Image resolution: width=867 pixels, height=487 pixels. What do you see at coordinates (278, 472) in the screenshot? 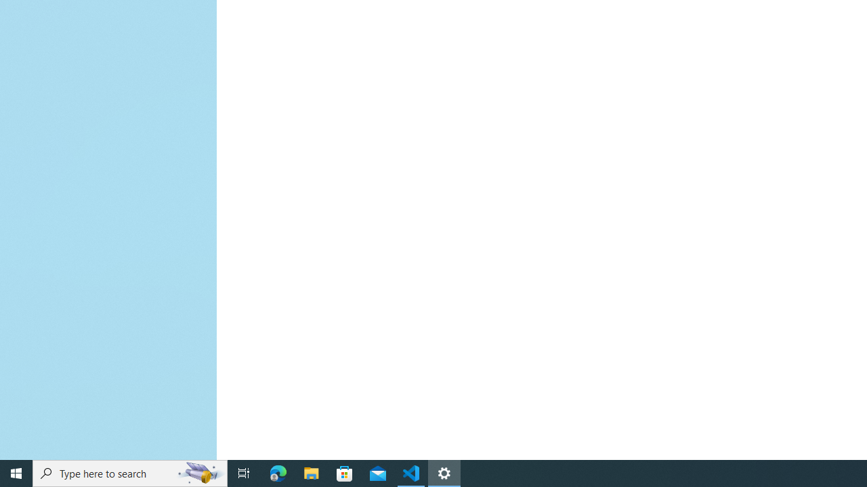
I see `'Microsoft Edge'` at bounding box center [278, 472].